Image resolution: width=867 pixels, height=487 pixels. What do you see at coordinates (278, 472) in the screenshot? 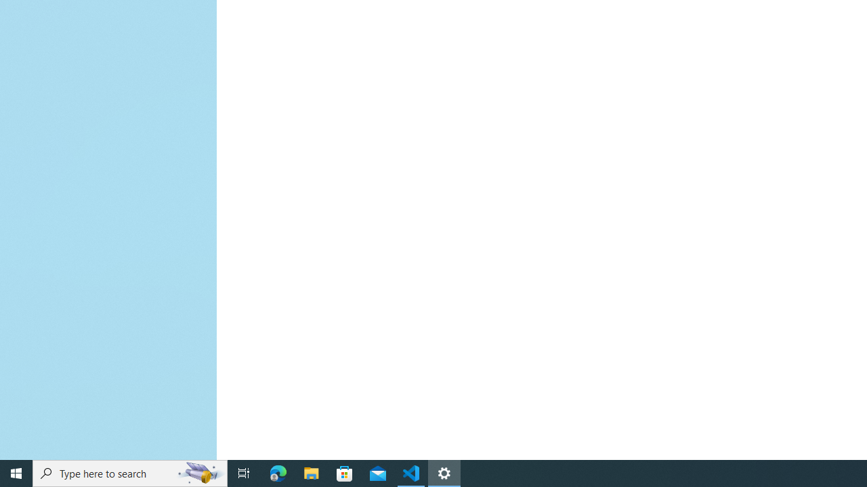
I see `'Microsoft Edge'` at bounding box center [278, 472].